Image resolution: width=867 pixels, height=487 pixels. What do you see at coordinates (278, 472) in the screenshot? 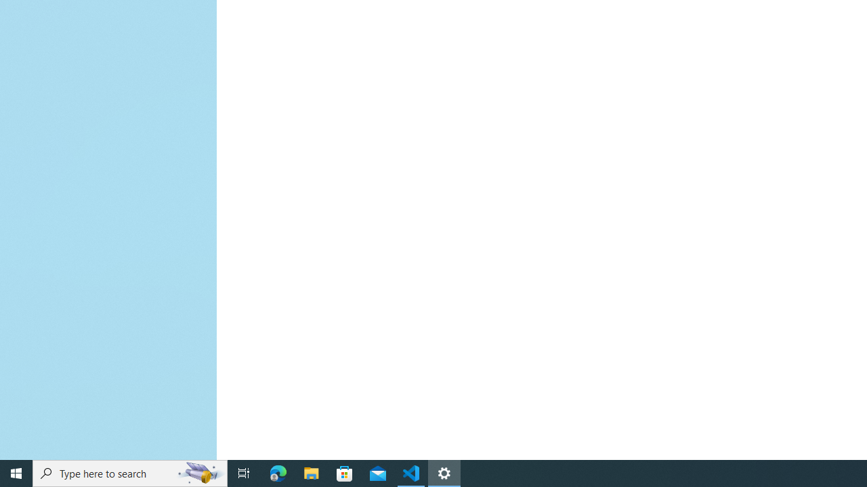
I see `'Microsoft Edge'` at bounding box center [278, 472].